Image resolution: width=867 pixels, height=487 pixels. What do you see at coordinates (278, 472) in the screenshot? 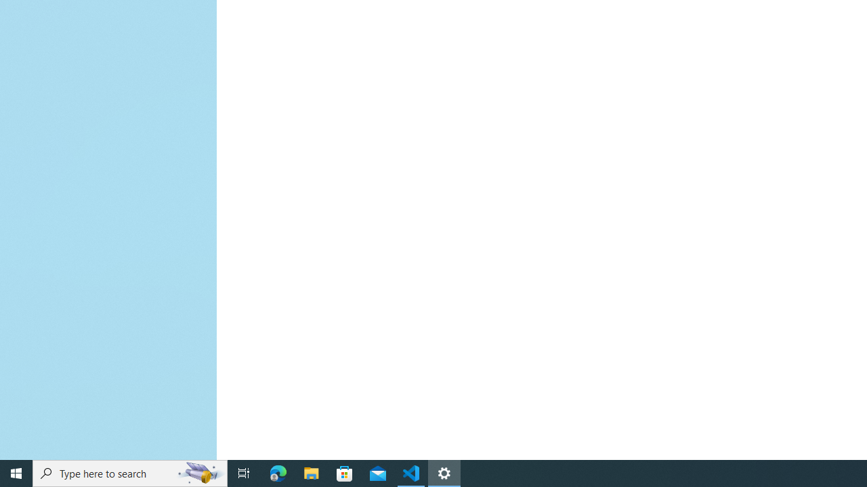
I see `'Microsoft Edge'` at bounding box center [278, 472].